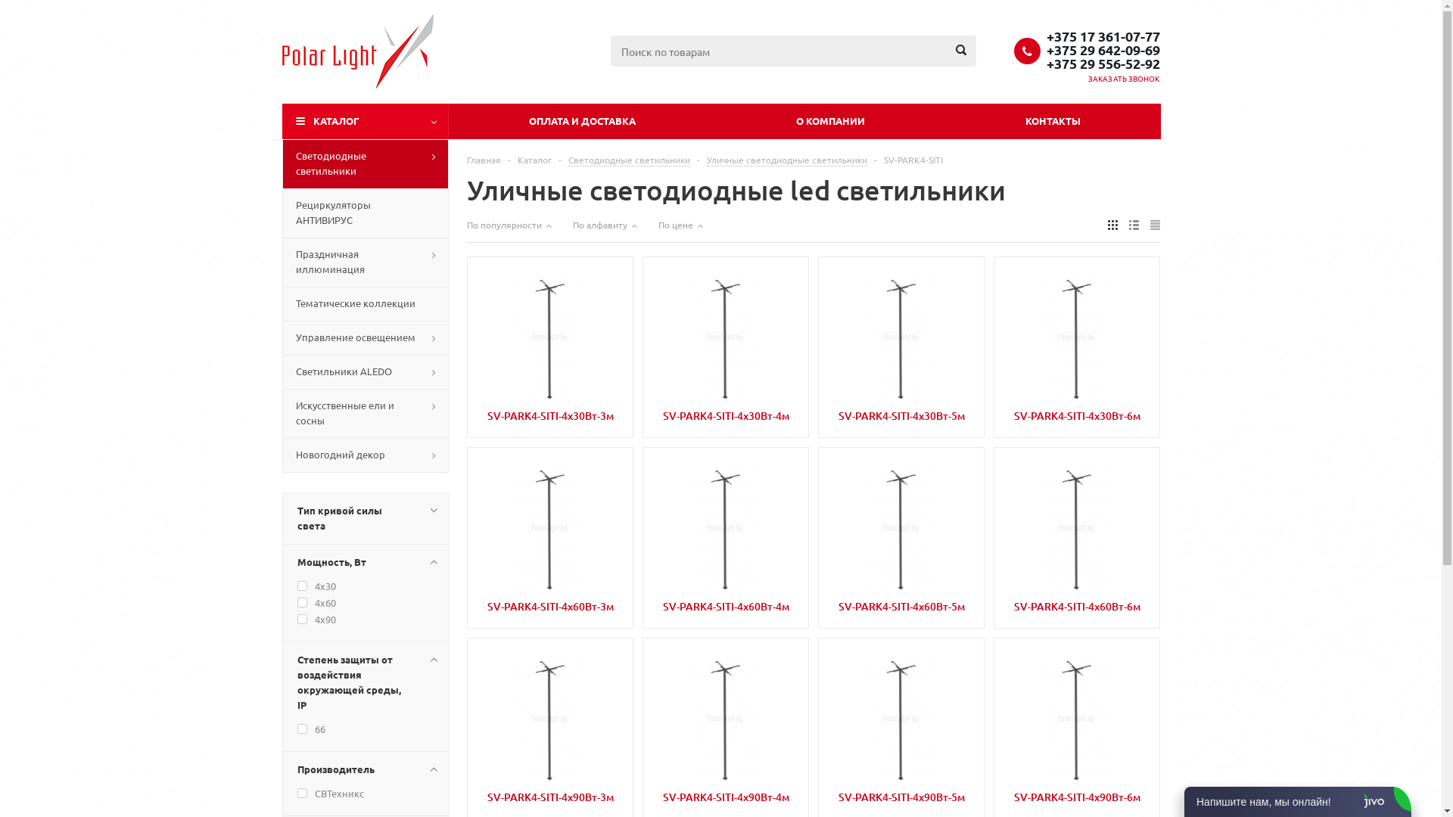 This screenshot has width=1453, height=817. What do you see at coordinates (1103, 48) in the screenshot?
I see `'+375 29 642-09-69'` at bounding box center [1103, 48].